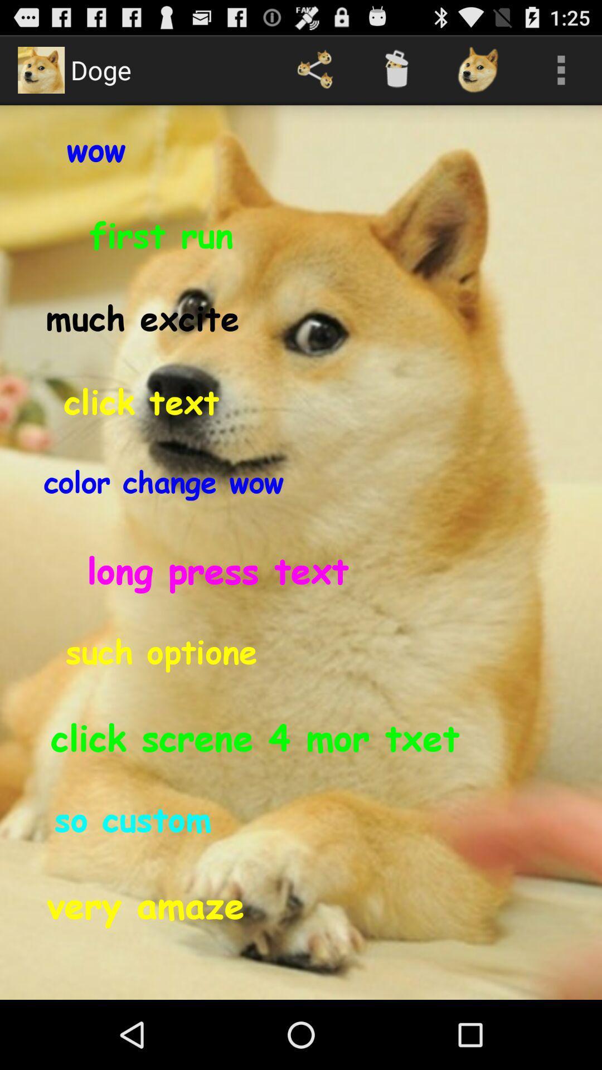 This screenshot has height=1070, width=602. Describe the element at coordinates (478, 69) in the screenshot. I see `the dog icon which is placed right side of the delete icon` at that location.